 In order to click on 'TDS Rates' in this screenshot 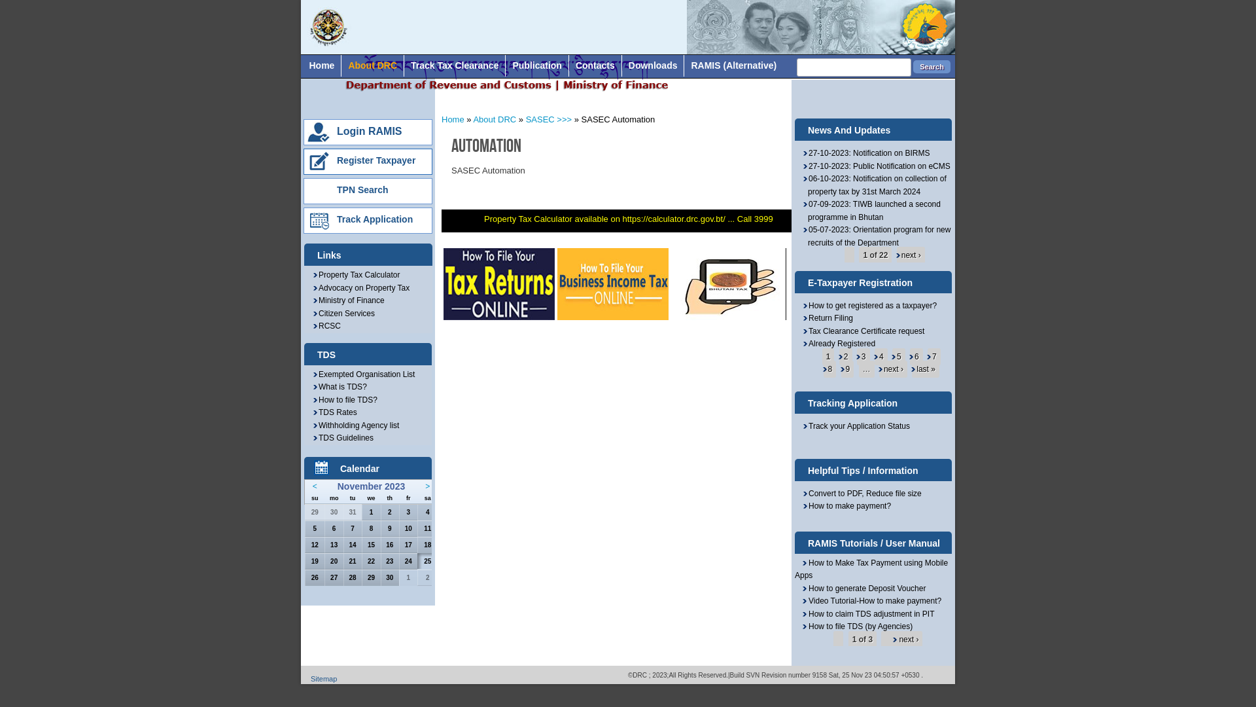, I will do `click(311, 411)`.